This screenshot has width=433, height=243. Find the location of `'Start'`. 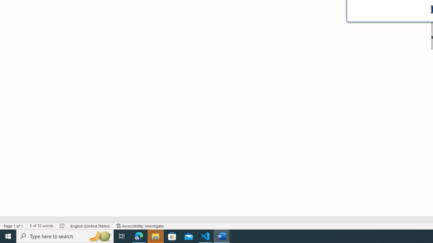

'Start' is located at coordinates (8, 236).